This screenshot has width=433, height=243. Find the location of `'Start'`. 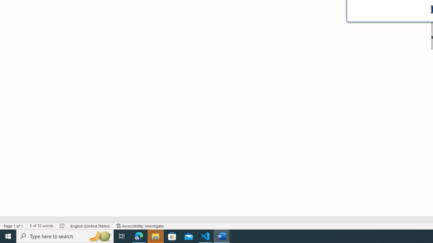

'Start' is located at coordinates (8, 236).